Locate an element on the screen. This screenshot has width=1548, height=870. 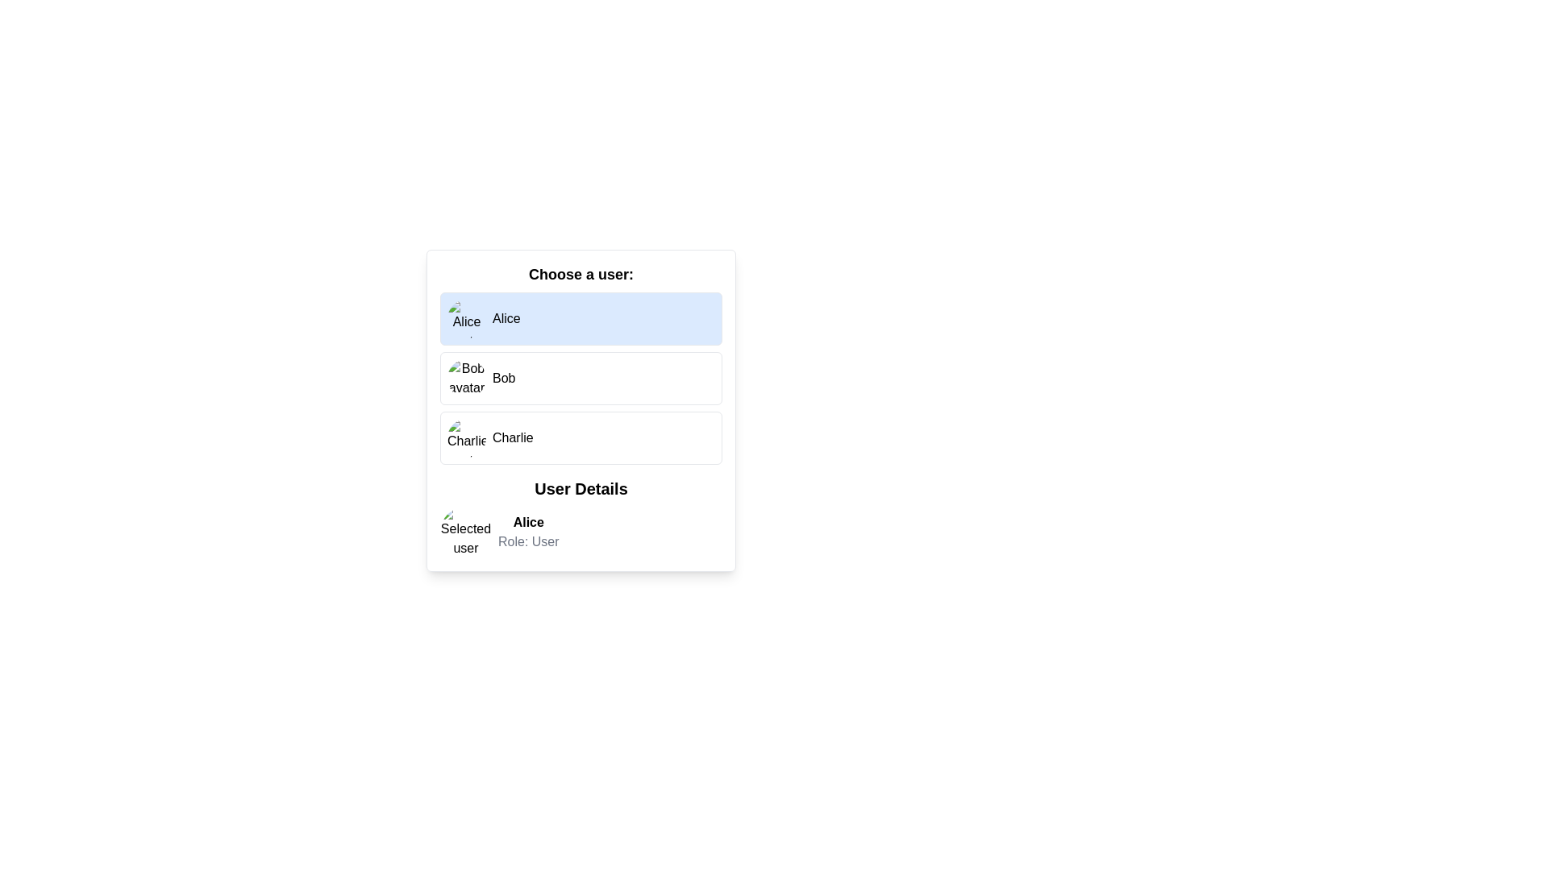
the 'User Details' header text, which is bold and large, located at the top of the user information section is located at coordinates (580, 487).